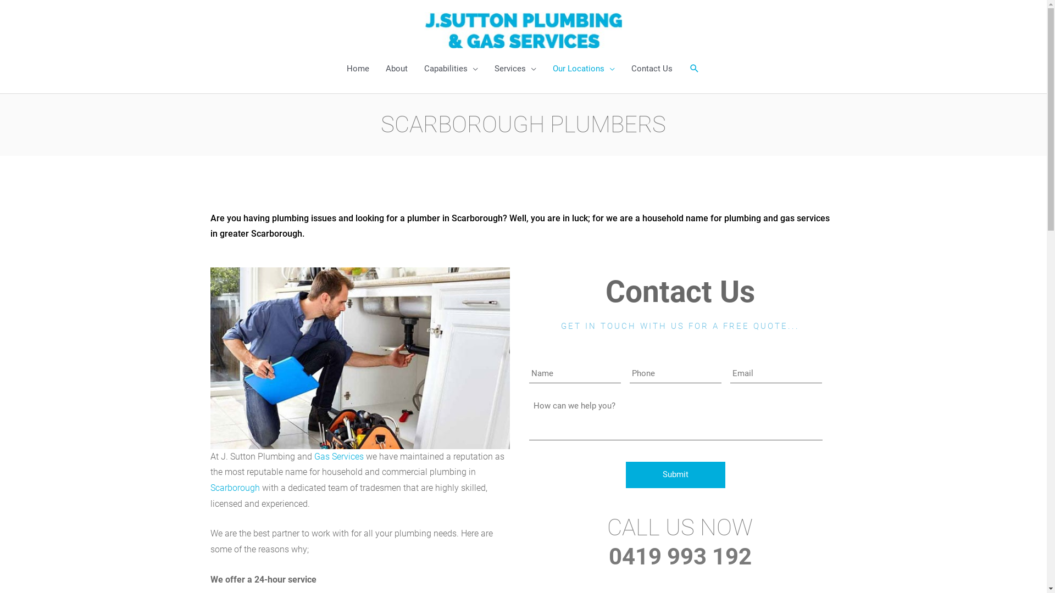  I want to click on 'Scarborough', so click(234, 487).